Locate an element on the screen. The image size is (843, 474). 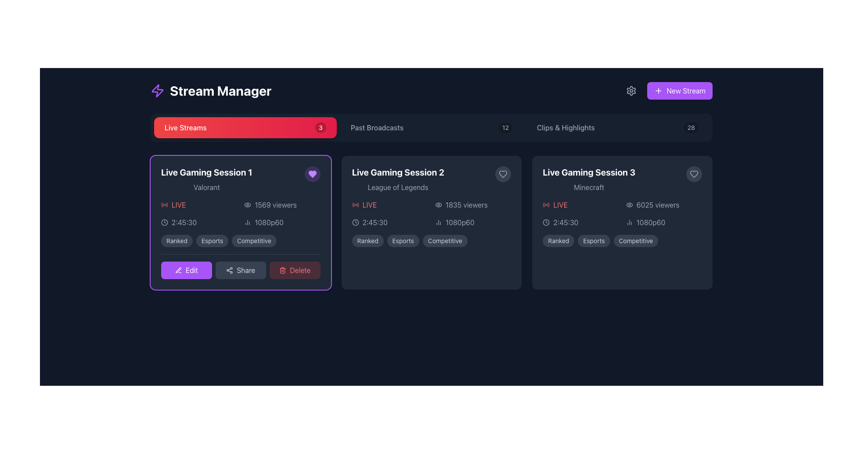
the small, rounded badge with the number '12' in white text, located within the 'Past Broadcasts' section of the header navigation bar is located at coordinates (505, 127).